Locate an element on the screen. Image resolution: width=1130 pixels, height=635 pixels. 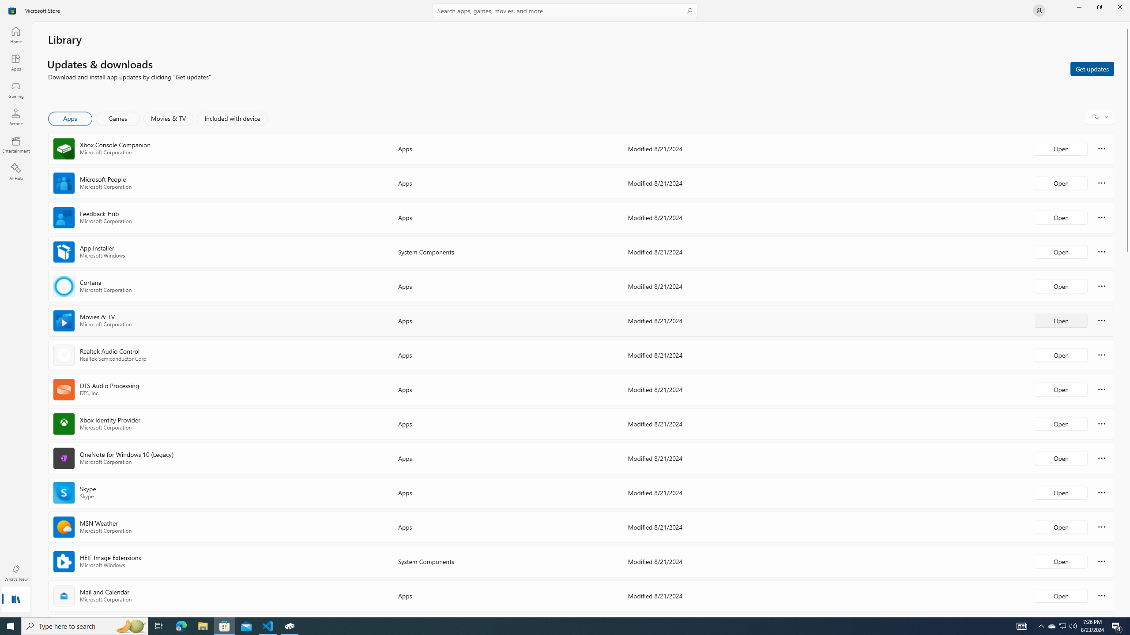
'Vertical' is located at coordinates (1126, 319).